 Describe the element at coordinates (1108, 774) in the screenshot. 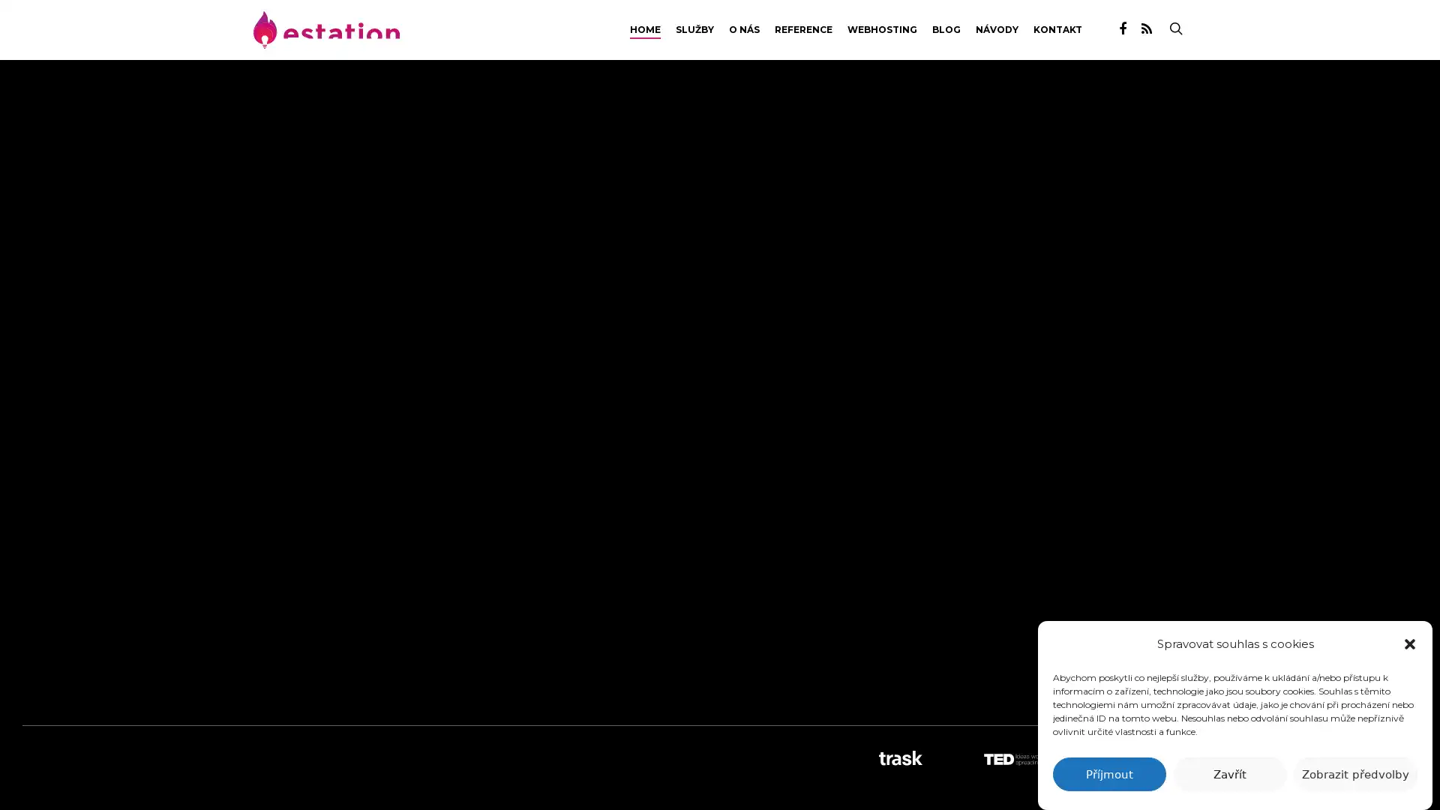

I see `Prijmout` at that location.